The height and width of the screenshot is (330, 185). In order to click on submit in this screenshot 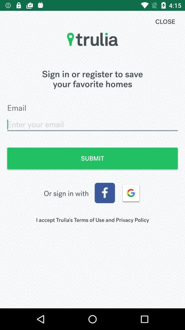, I will do `click(92, 158)`.